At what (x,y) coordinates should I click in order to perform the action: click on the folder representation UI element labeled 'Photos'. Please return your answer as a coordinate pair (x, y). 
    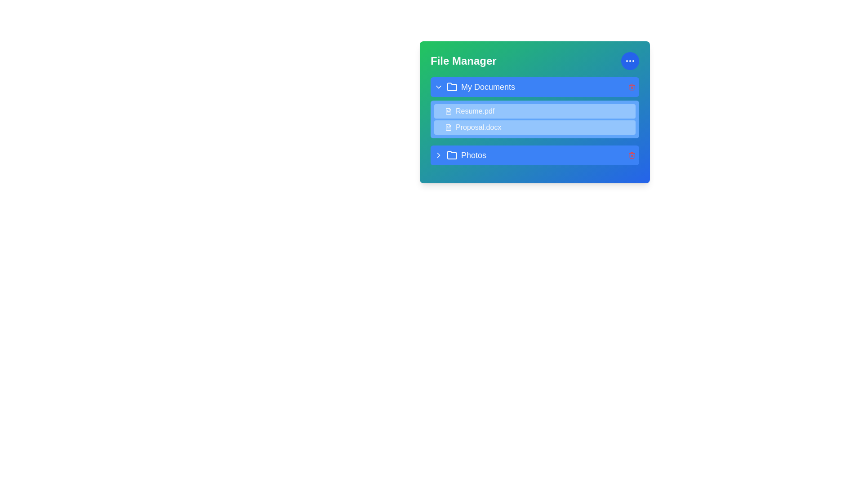
    Looking at the image, I should click on (535, 155).